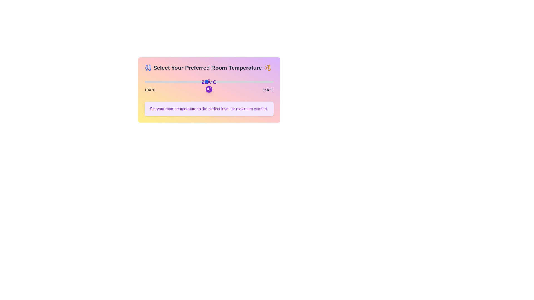  What do you see at coordinates (144, 82) in the screenshot?
I see `the slider to a specific temperature 10 in degrees Celsius` at bounding box center [144, 82].